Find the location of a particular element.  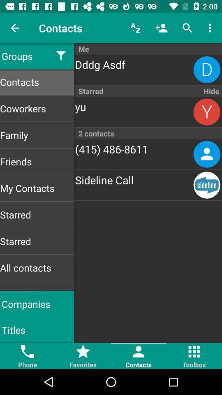

the filter icon is located at coordinates (60, 56).